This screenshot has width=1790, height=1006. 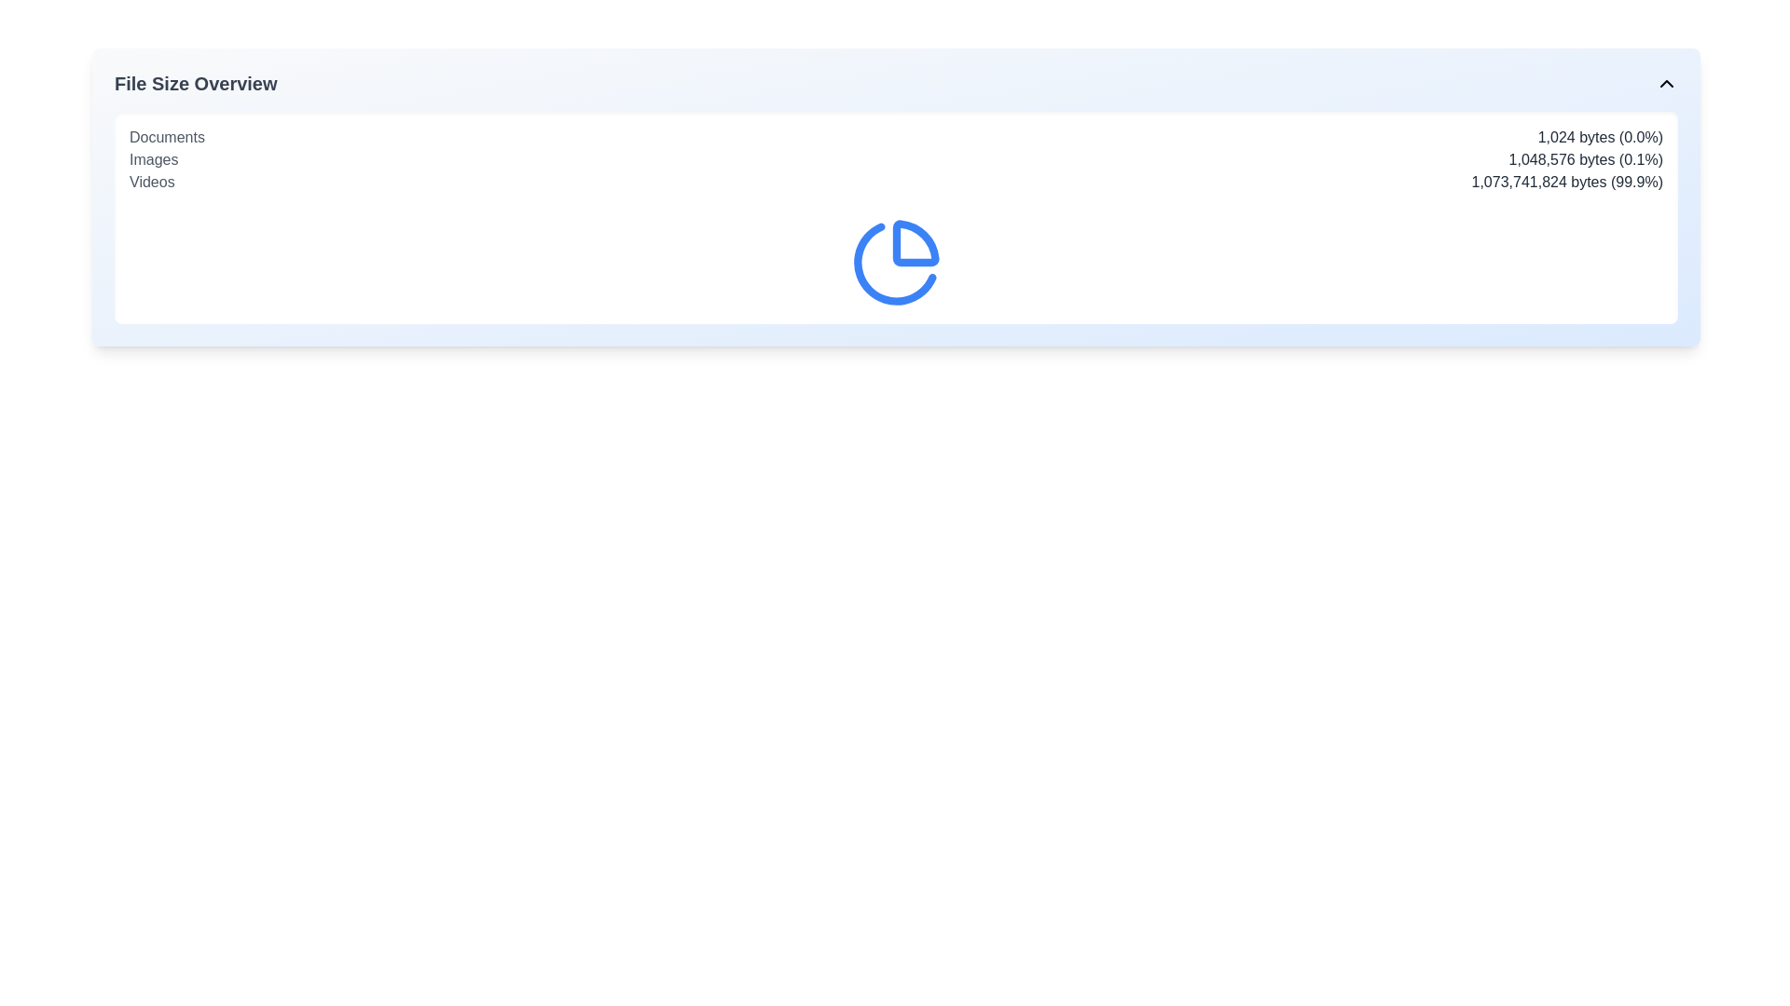 What do you see at coordinates (893, 264) in the screenshot?
I see `the right segment of the pie chart represented by an SVG graphic, which serves as a visual indicator of data proportion` at bounding box center [893, 264].